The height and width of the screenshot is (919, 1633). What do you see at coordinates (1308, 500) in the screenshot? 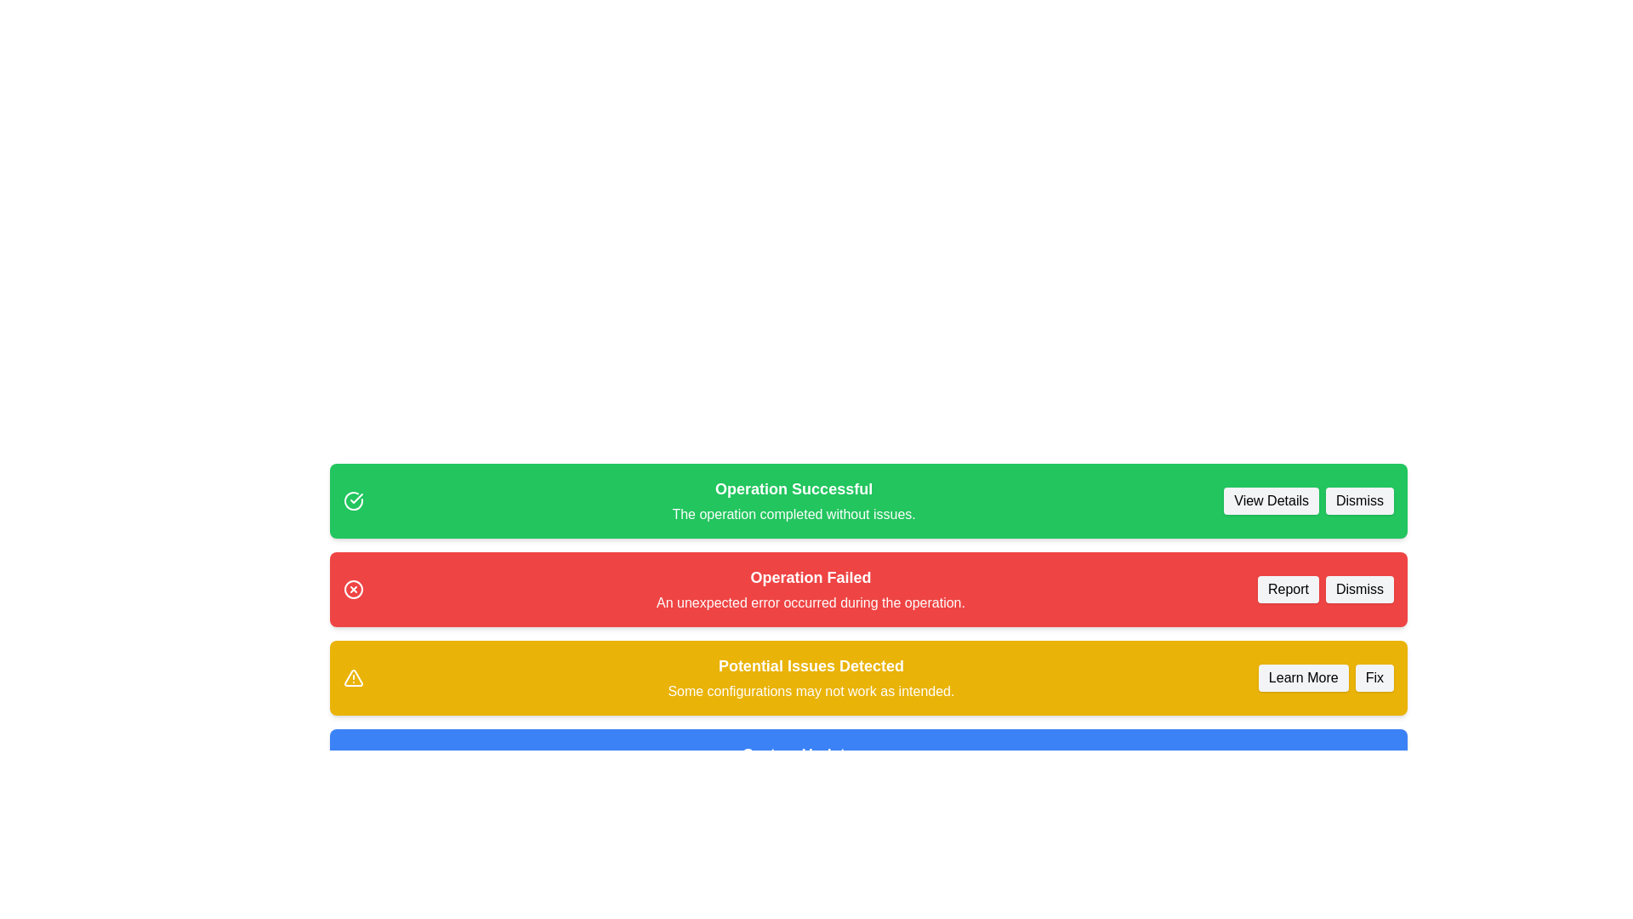
I see `the 'View Details' button located on the right side of the green alert box labeled 'Operation Successful'` at bounding box center [1308, 500].